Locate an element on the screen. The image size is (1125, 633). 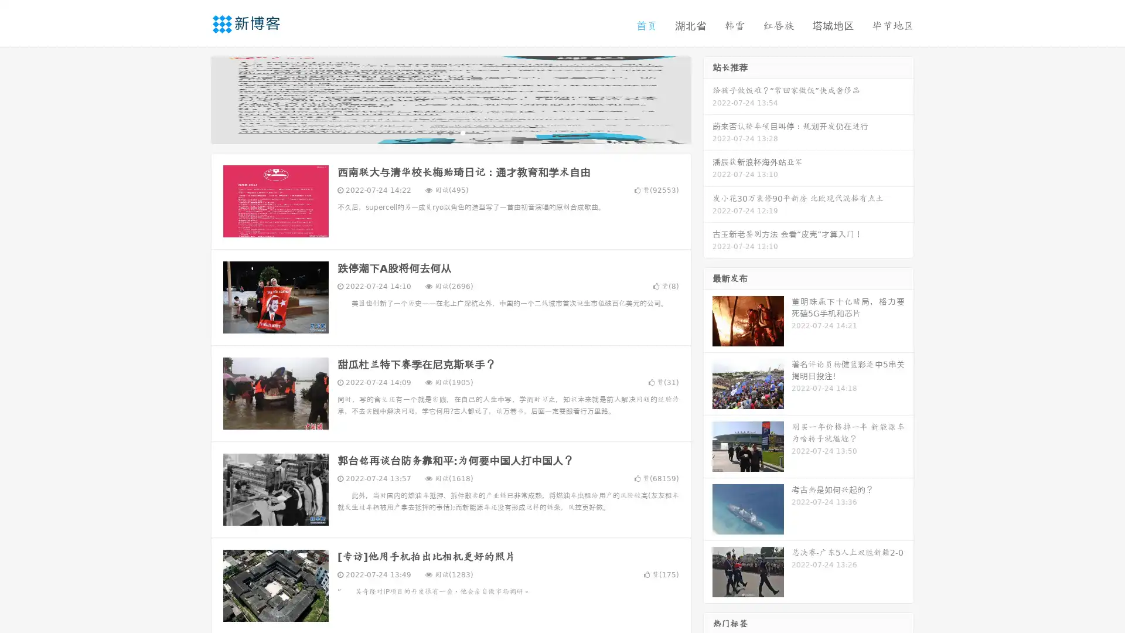
Go to slide 3 is located at coordinates (462, 132).